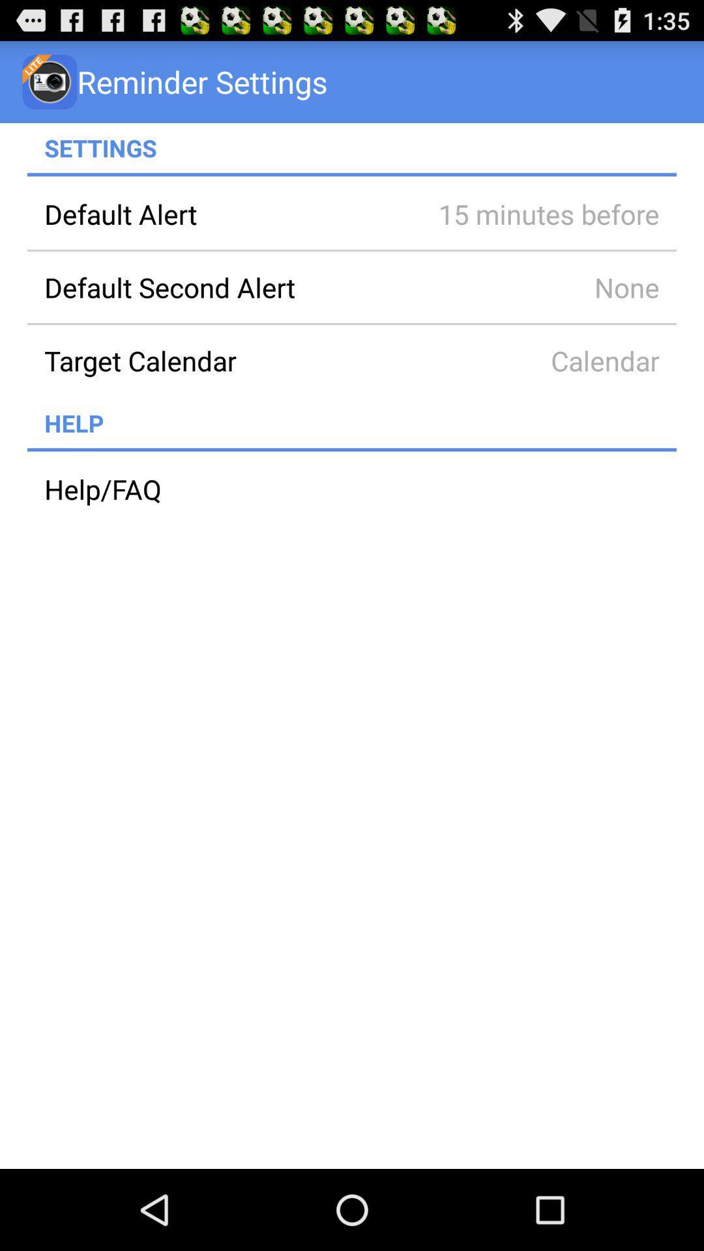  Describe the element at coordinates (531, 287) in the screenshot. I see `the app next to default second alert app` at that location.